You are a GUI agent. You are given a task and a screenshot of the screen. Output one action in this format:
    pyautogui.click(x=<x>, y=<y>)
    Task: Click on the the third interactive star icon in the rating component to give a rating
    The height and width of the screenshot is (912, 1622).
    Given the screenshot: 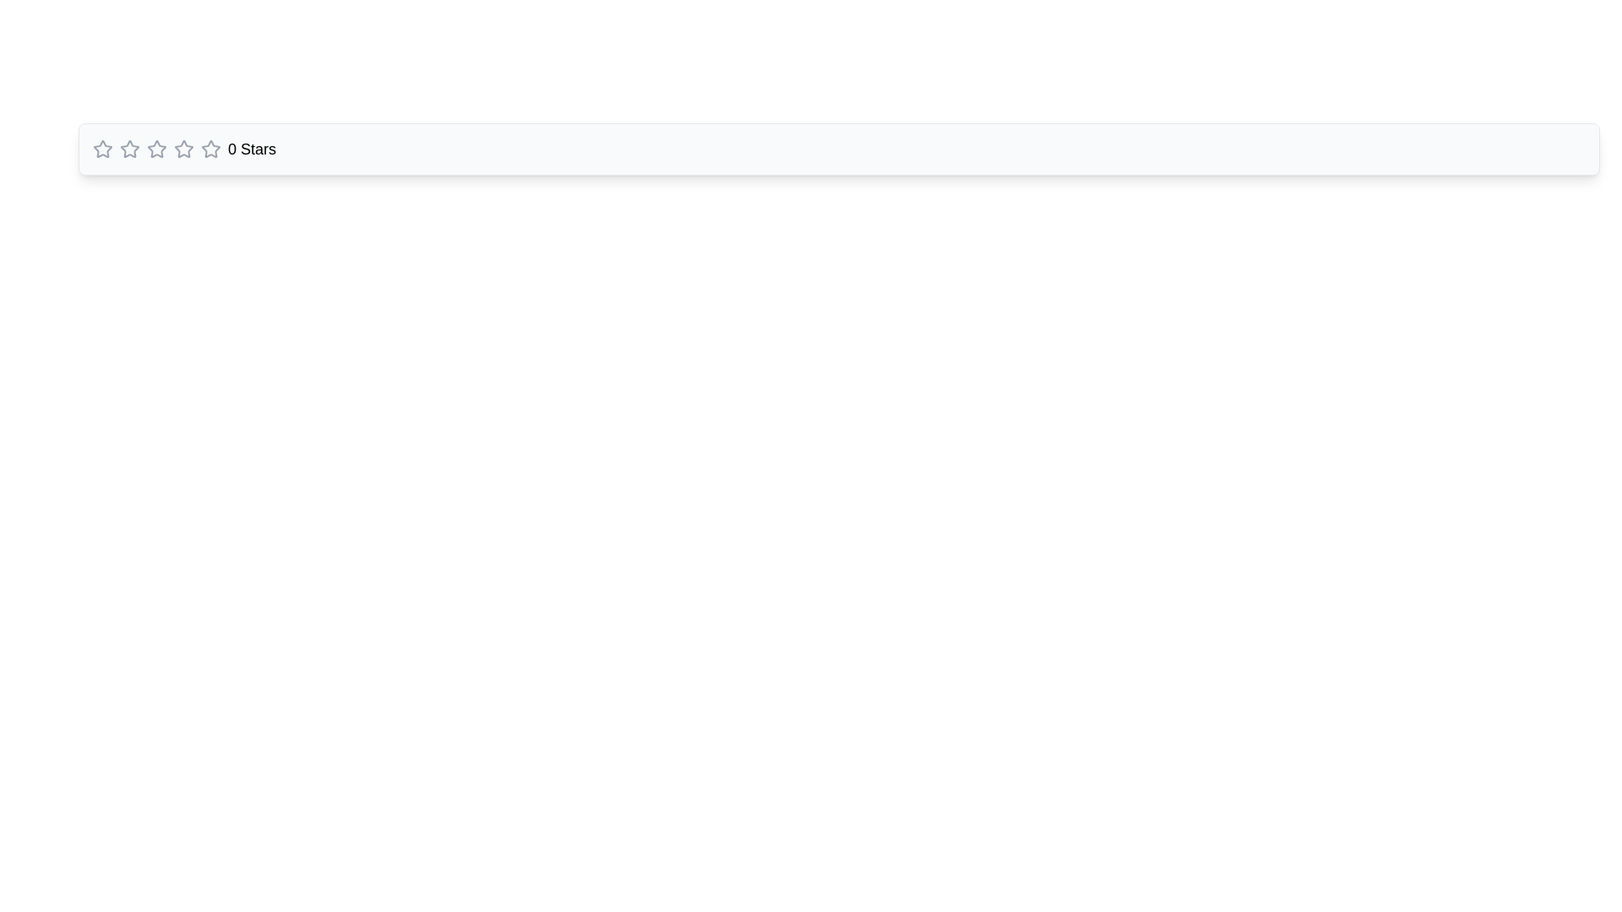 What is the action you would take?
    pyautogui.click(x=157, y=149)
    